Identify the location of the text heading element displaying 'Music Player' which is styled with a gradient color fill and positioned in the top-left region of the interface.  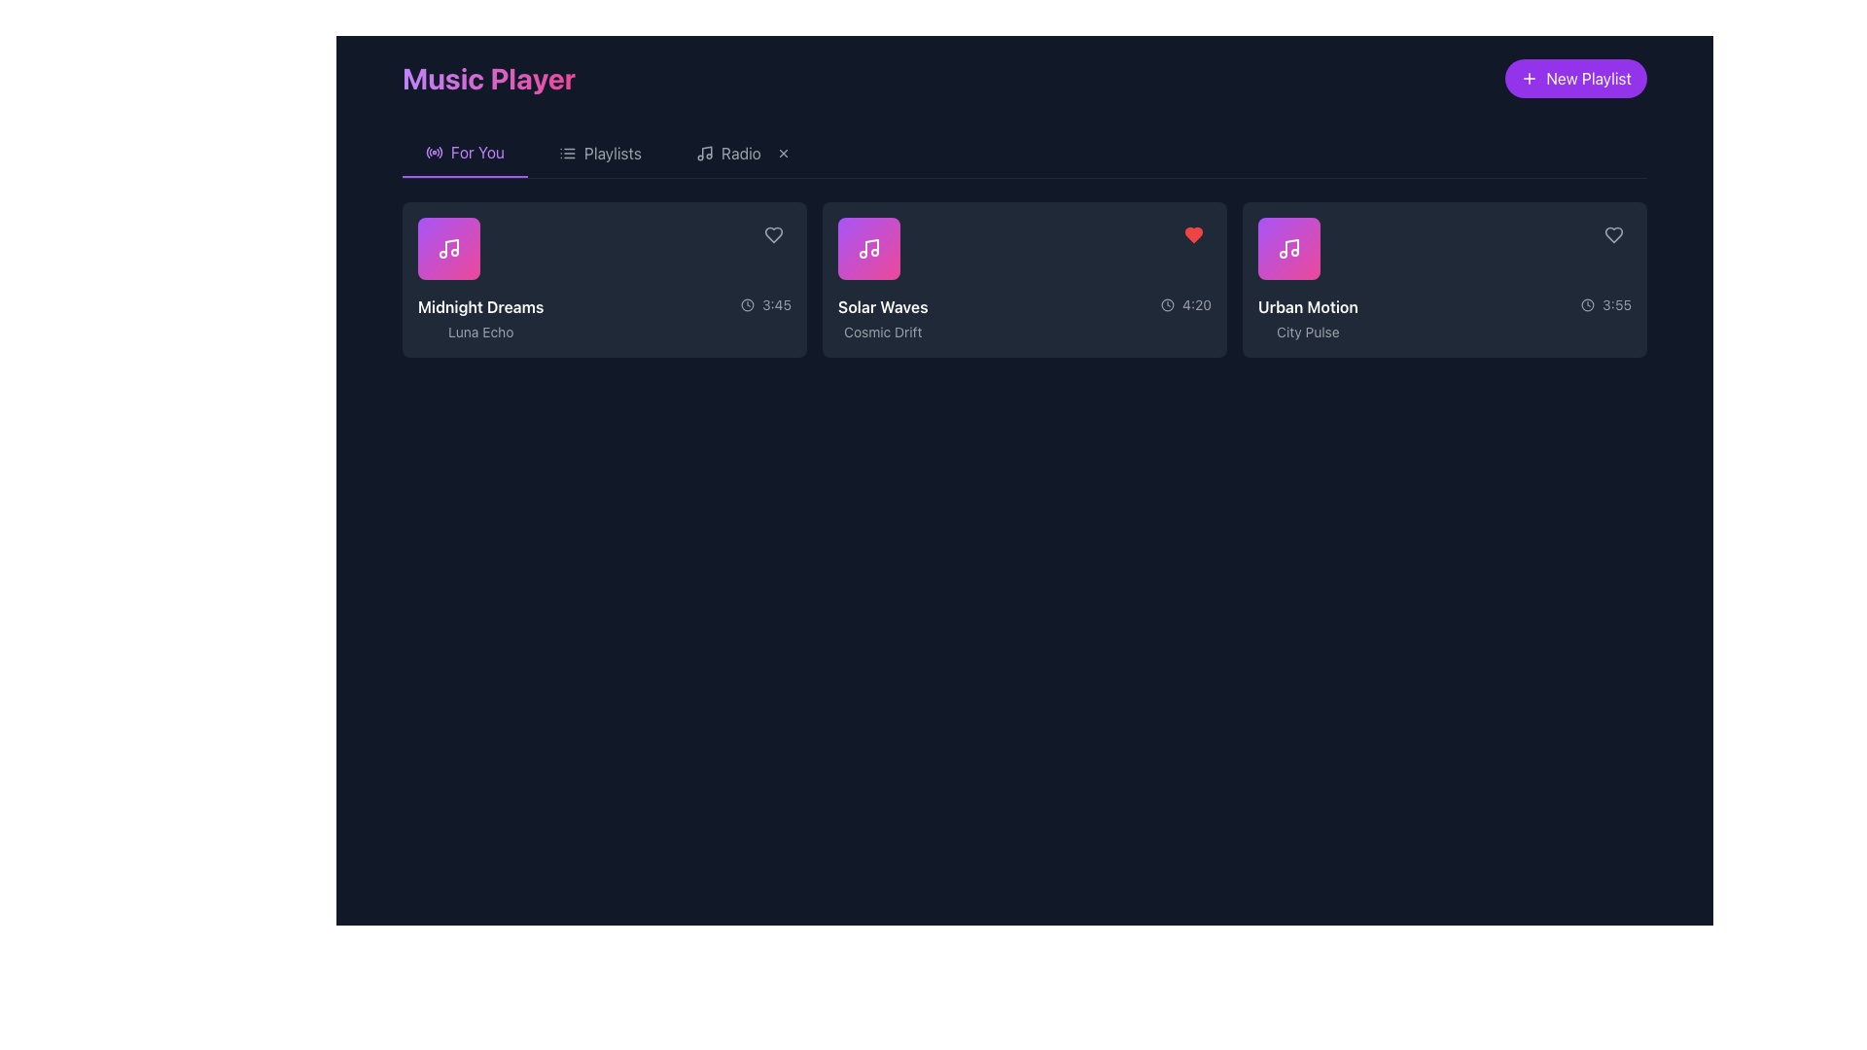
(489, 78).